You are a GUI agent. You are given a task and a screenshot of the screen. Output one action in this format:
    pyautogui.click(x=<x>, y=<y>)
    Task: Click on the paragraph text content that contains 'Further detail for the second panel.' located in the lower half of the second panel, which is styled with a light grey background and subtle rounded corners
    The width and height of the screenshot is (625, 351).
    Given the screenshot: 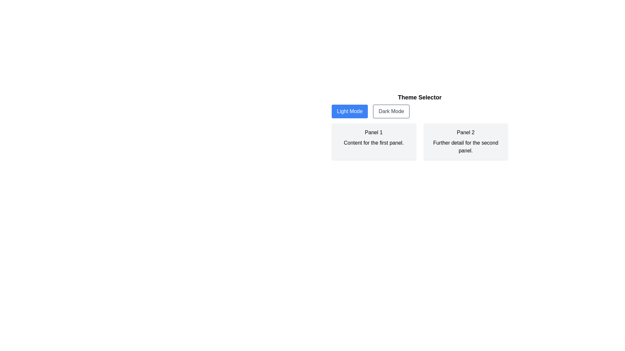 What is the action you would take?
    pyautogui.click(x=465, y=147)
    